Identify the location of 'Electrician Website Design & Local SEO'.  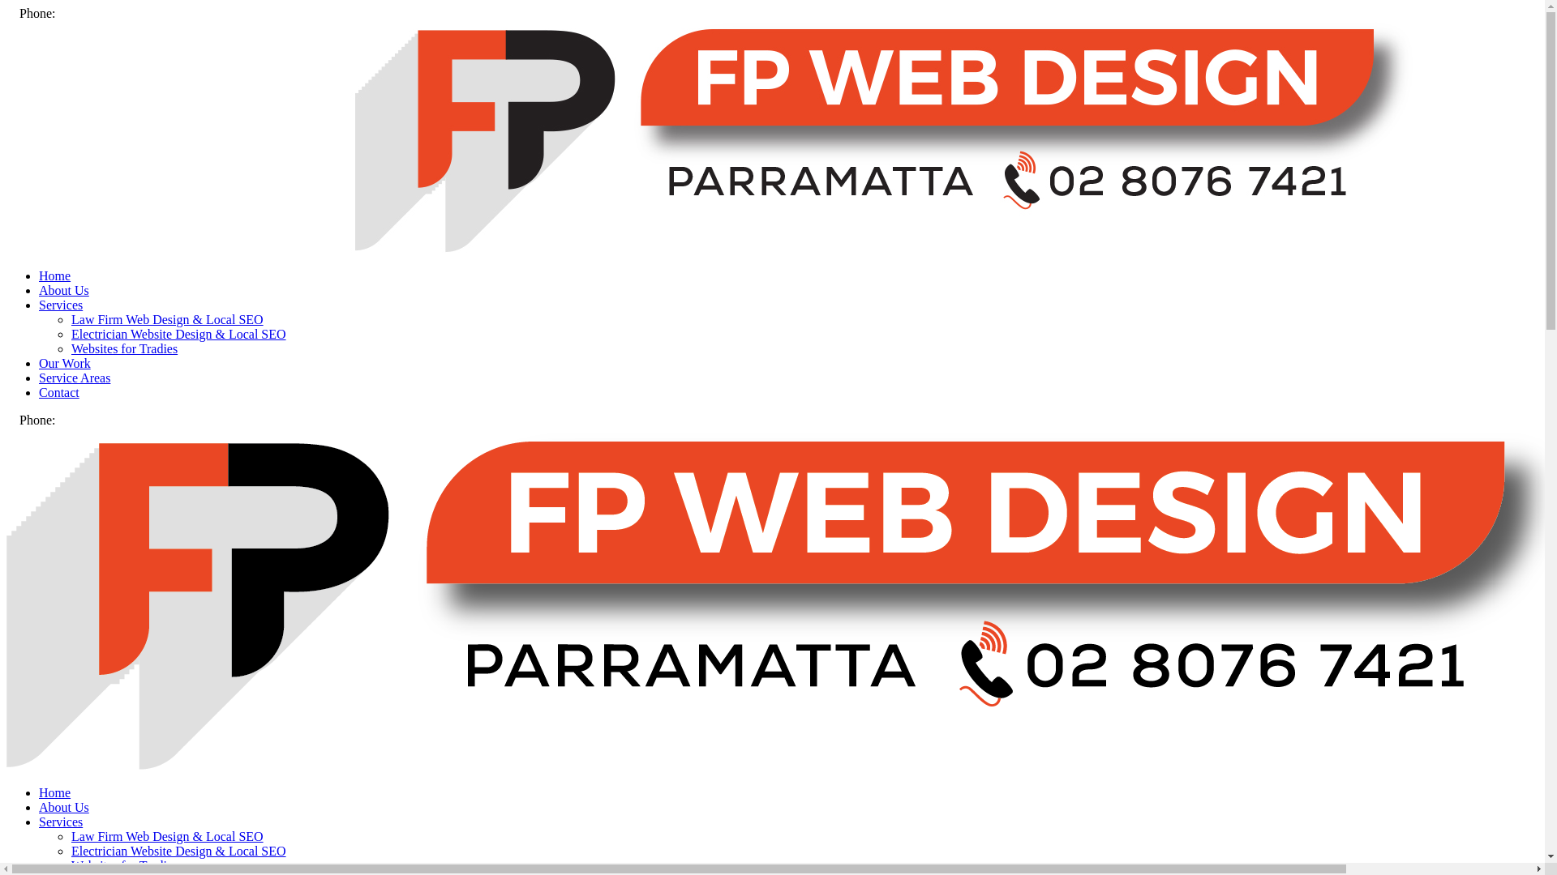
(178, 850).